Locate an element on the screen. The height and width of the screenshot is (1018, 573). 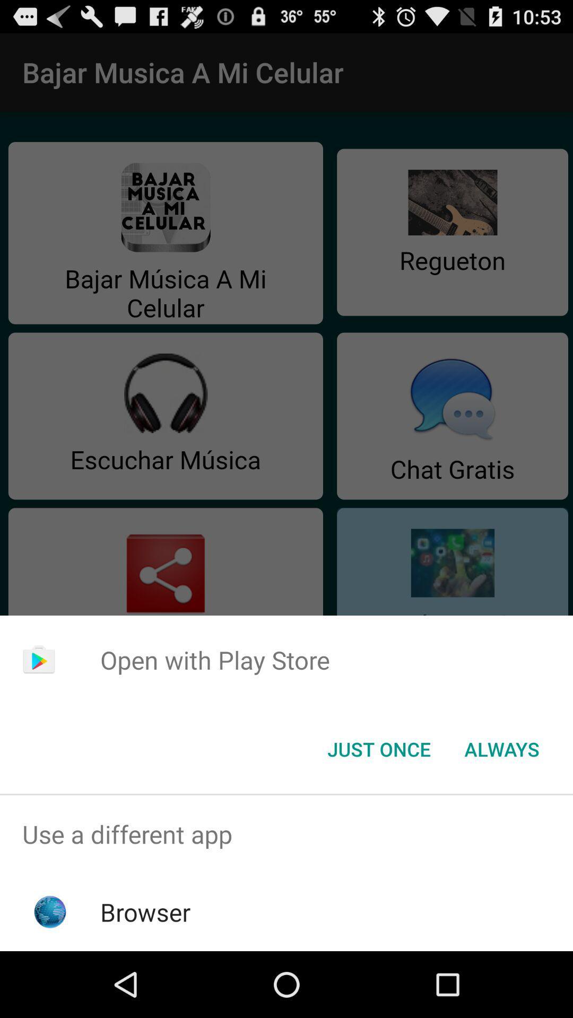
the browser is located at coordinates (145, 911).